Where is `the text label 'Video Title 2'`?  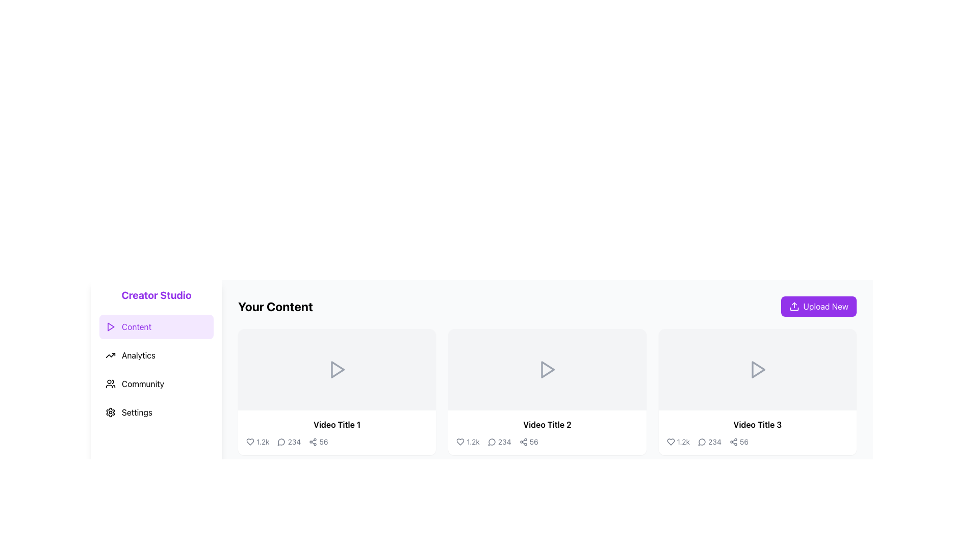
the text label 'Video Title 2' is located at coordinates (547, 424).